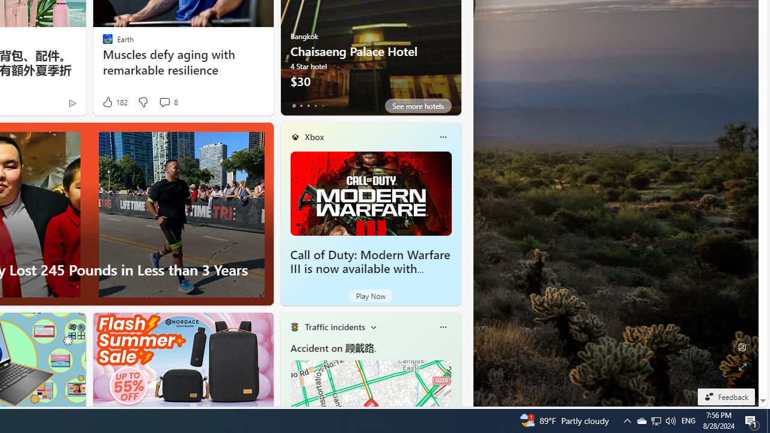 The image size is (770, 433). What do you see at coordinates (370, 296) in the screenshot?
I see `'Play Now'` at bounding box center [370, 296].